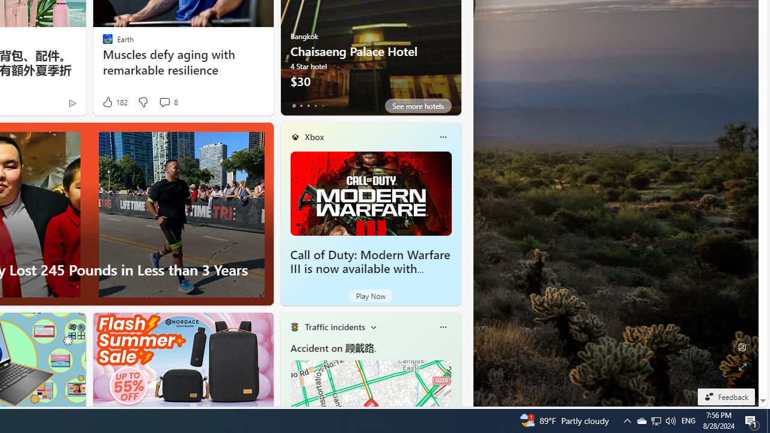 The image size is (770, 433). What do you see at coordinates (370, 296) in the screenshot?
I see `'Play Now'` at bounding box center [370, 296].